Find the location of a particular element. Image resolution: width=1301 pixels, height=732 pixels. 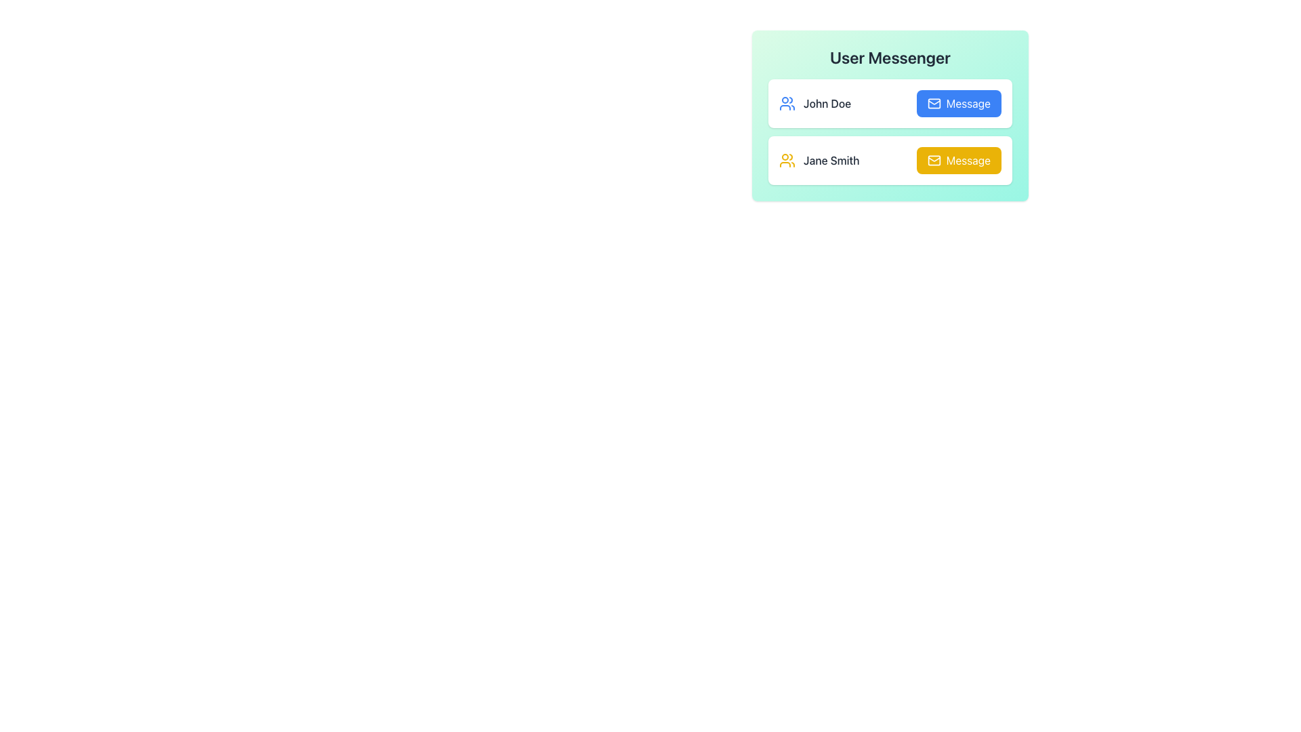

text displayed in the label identifying the user as 'Jane Smith', located under the 'User Messenger' header and aligned to the left of the 'Message' button is located at coordinates (831, 159).